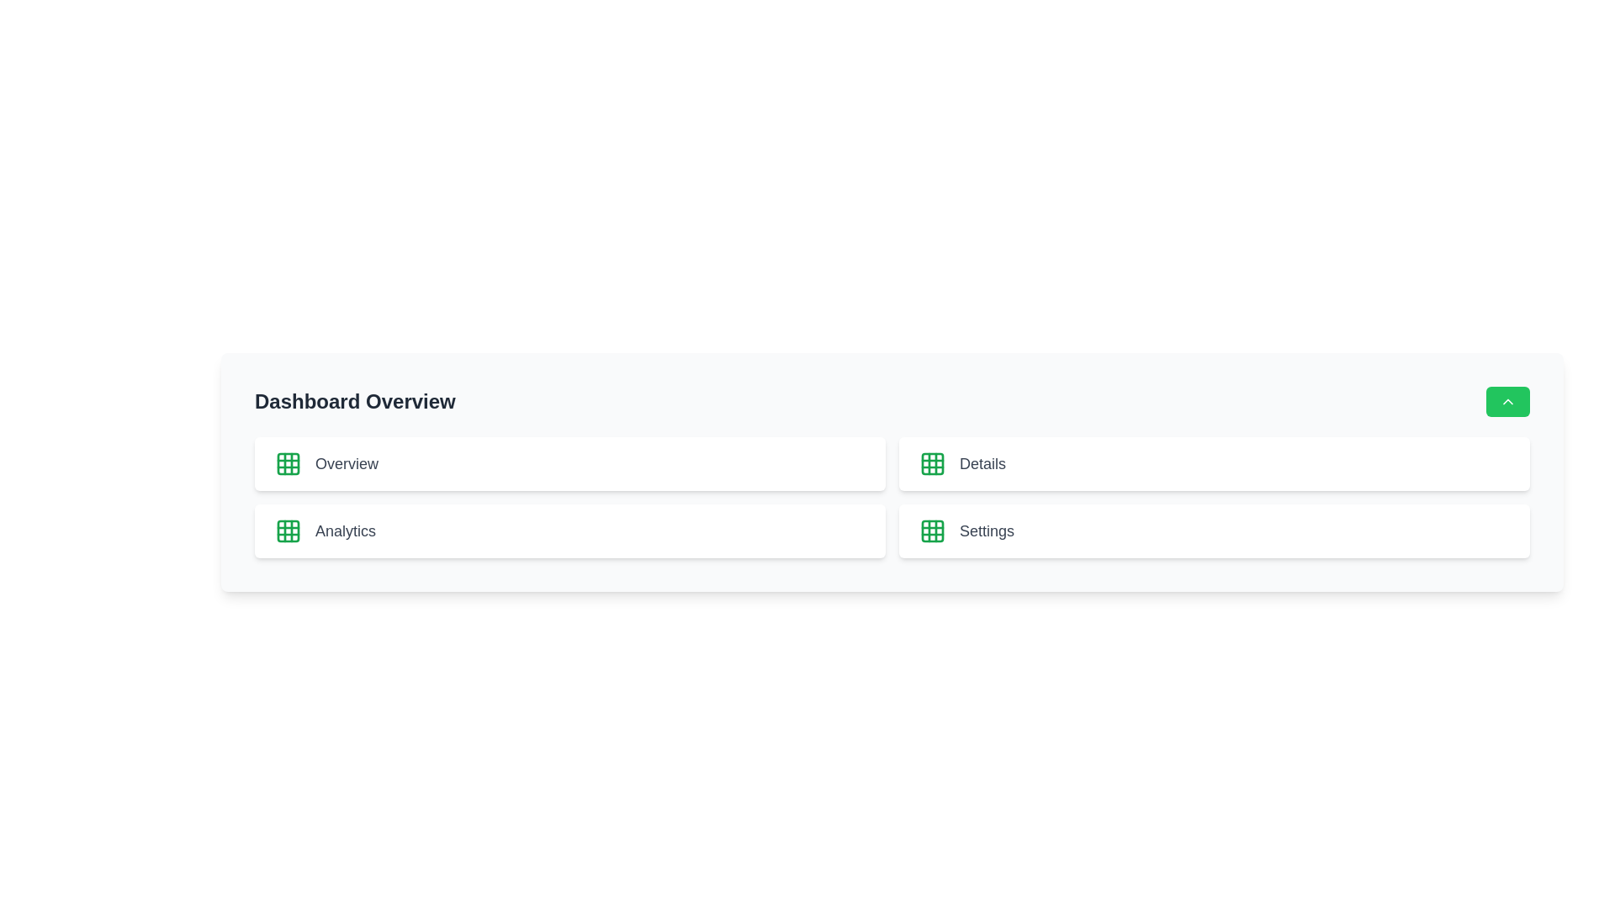 The height and width of the screenshot is (908, 1615). What do you see at coordinates (931, 531) in the screenshot?
I see `the top-left corner grid cell icon with rounded corners, styled in green with a white center, located in the 3x3 grid on the right side of the 'Details' card` at bounding box center [931, 531].